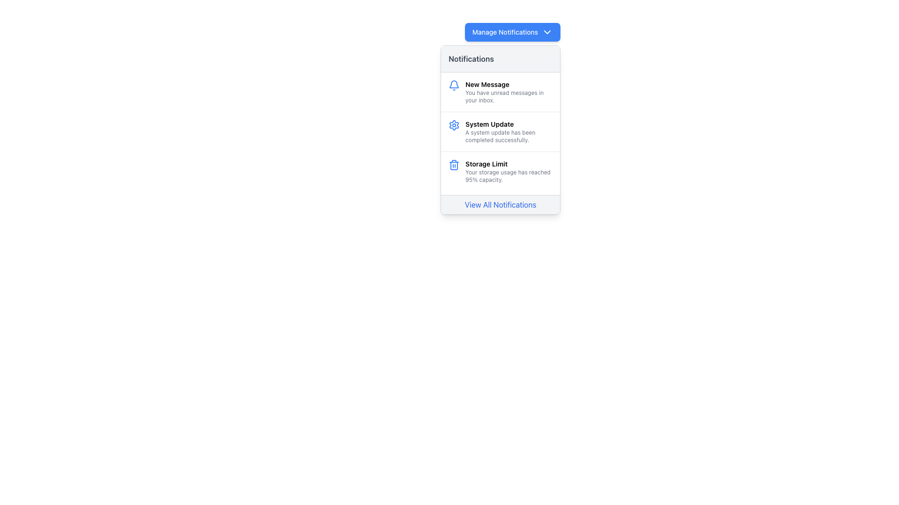  I want to click on the chevron icon located on the rightmost edge of the 'Manage Notifications' button, so click(547, 32).